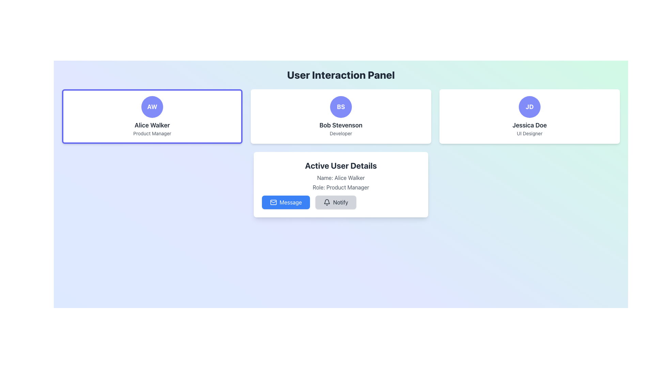  What do you see at coordinates (152, 134) in the screenshot?
I see `text of the label that says 'Product Manager', which is styled with small gray text and is positioned directly below 'Alice Walker' within a purple-bordered card layout` at bounding box center [152, 134].